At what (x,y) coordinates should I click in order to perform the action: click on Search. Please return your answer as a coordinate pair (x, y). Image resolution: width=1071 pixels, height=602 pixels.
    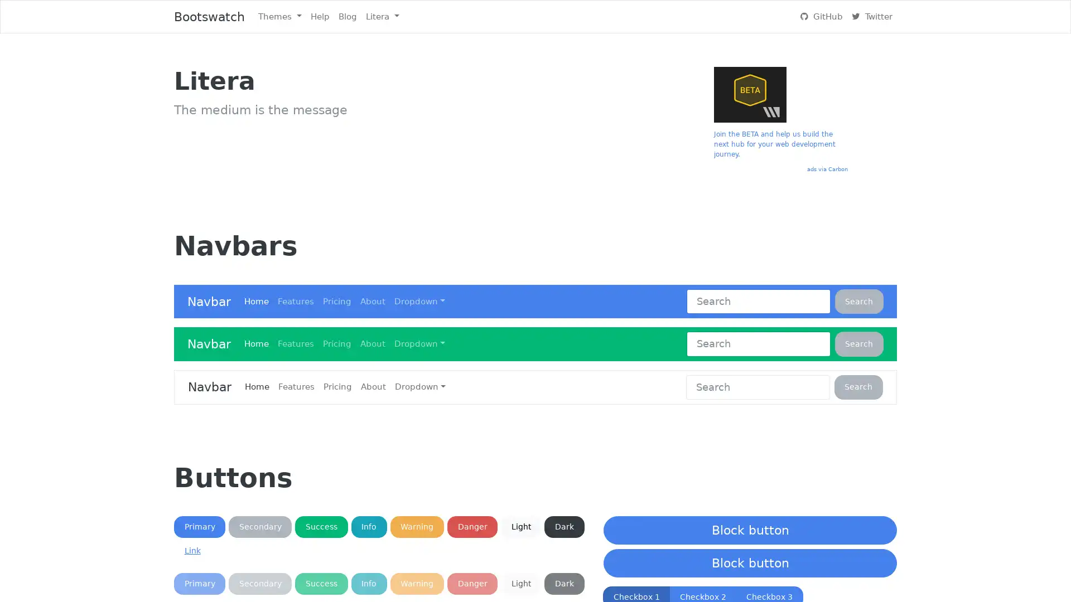
    Looking at the image, I should click on (858, 301).